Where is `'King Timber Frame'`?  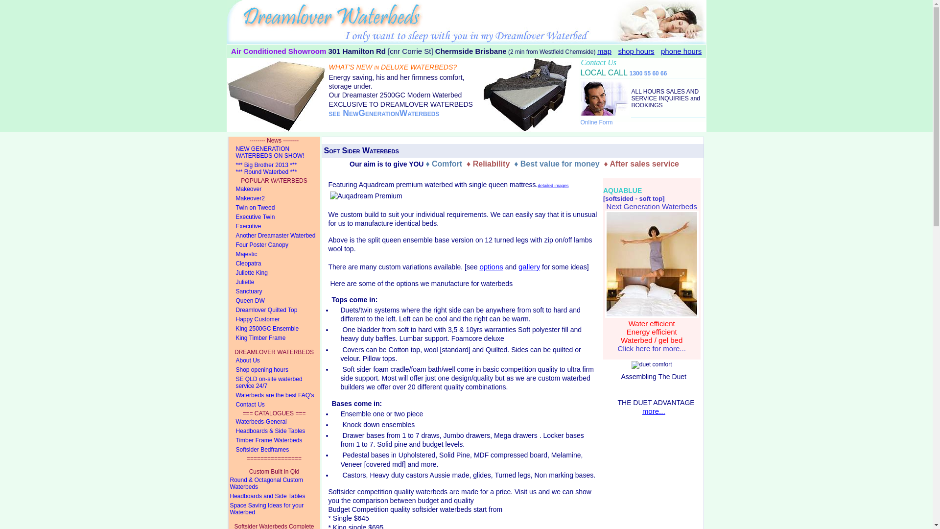 'King Timber Frame' is located at coordinates (274, 337).